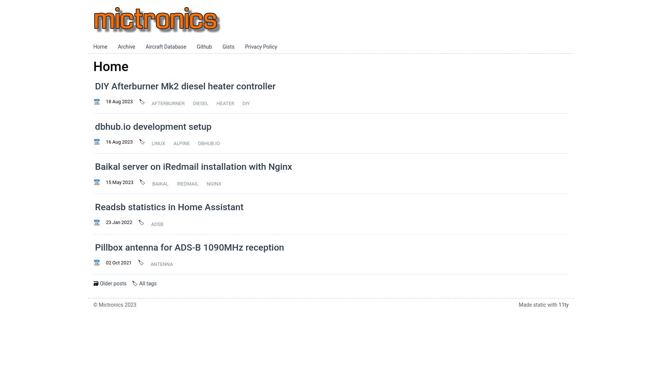 This screenshot has height=374, width=662. What do you see at coordinates (214, 183) in the screenshot?
I see `'Nginx'` at bounding box center [214, 183].